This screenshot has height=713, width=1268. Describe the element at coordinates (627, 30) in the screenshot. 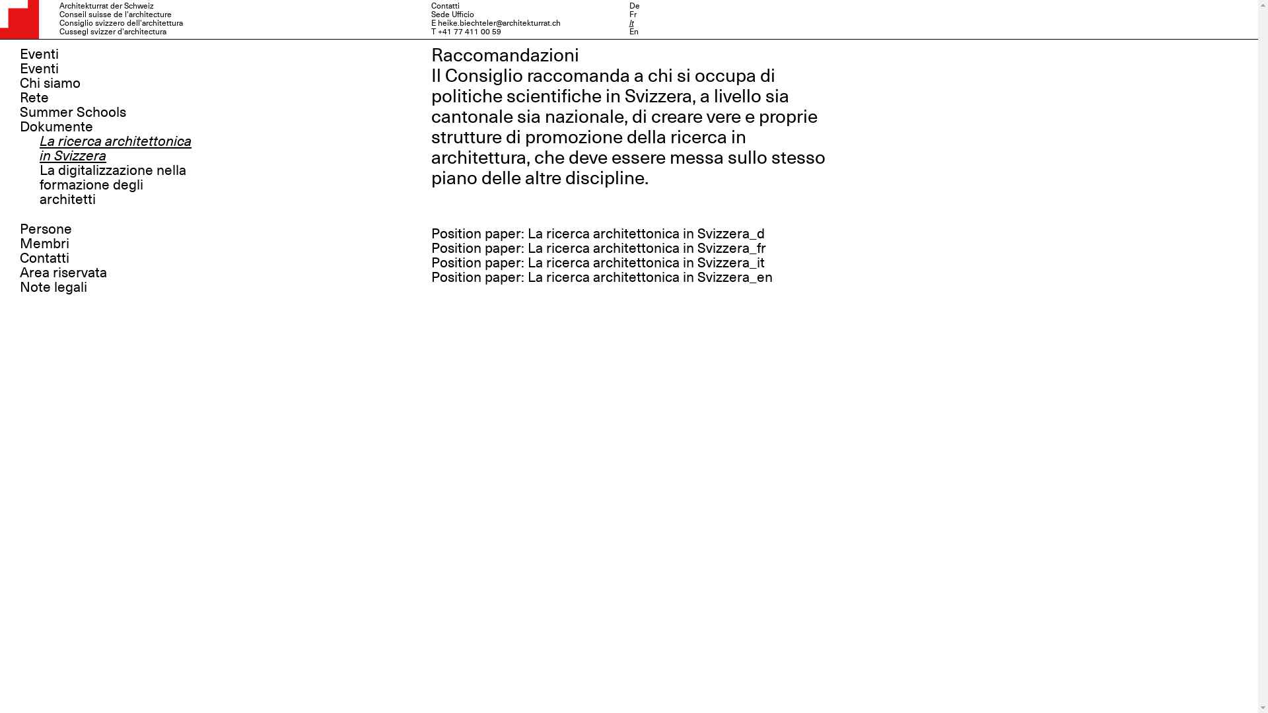

I see `'En'` at that location.